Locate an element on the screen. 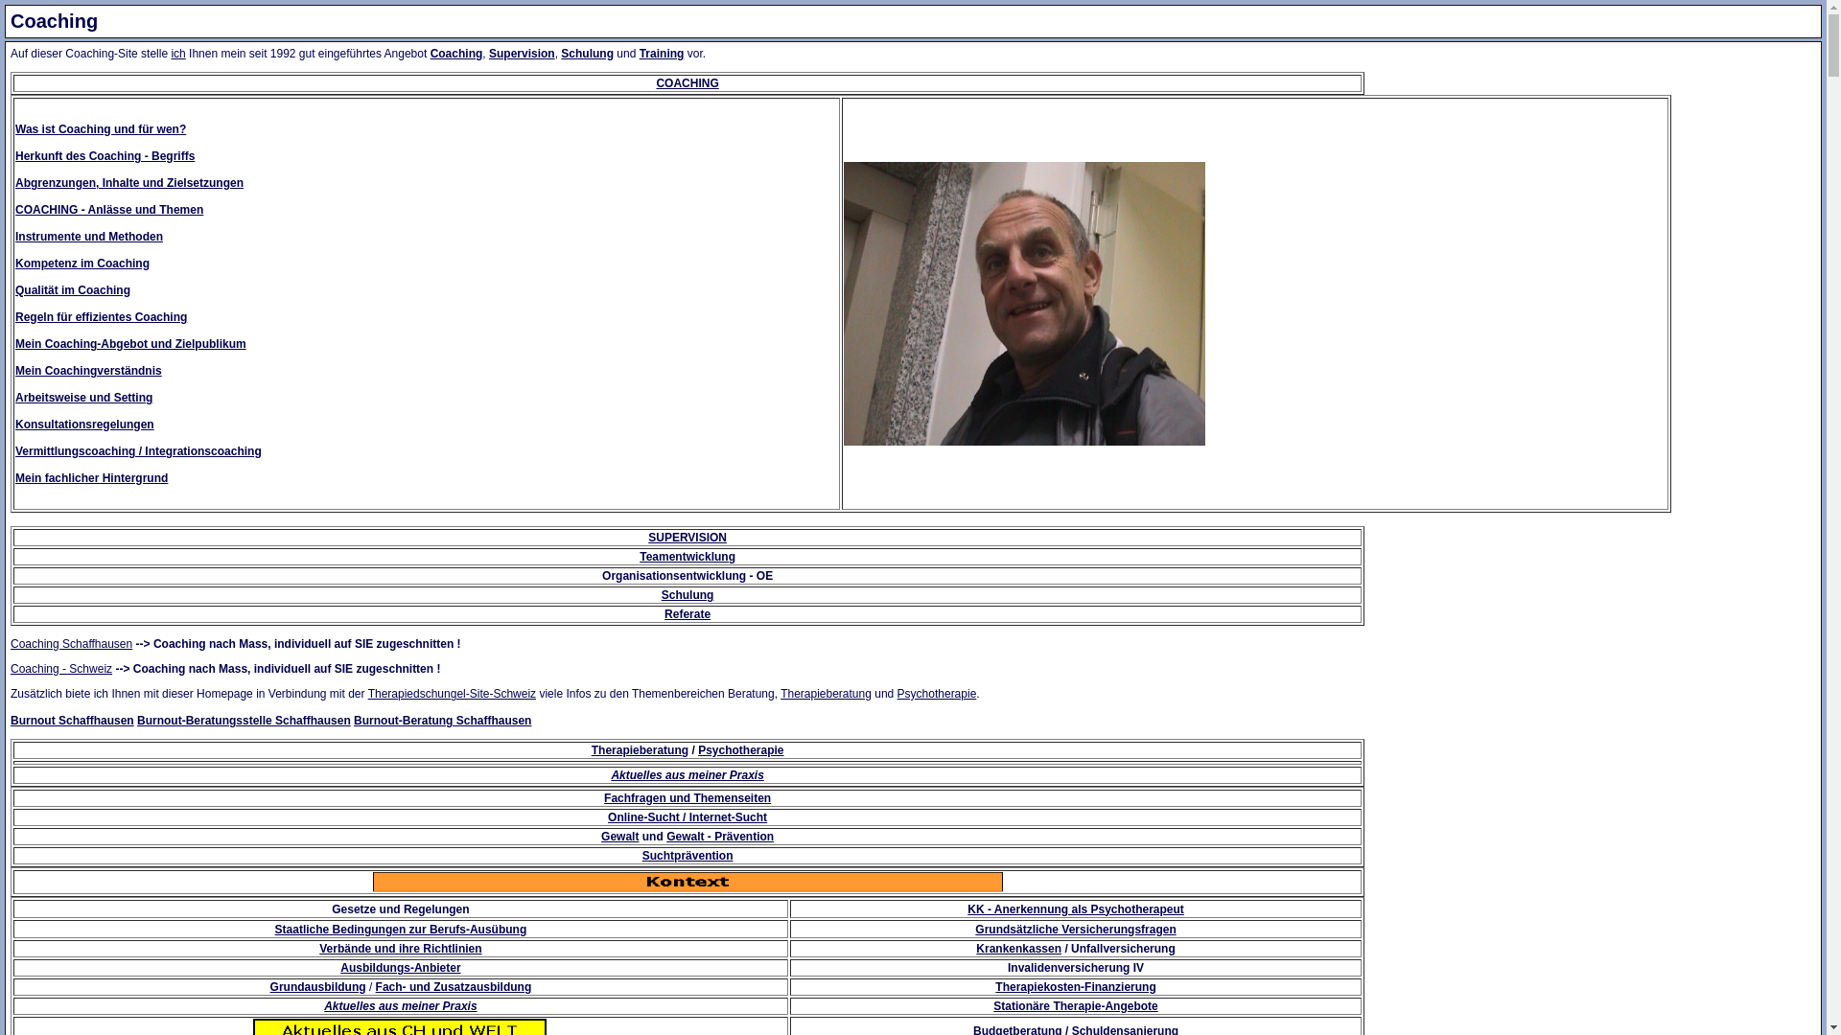 This screenshot has width=1841, height=1035. 'Therapiedschungel-Site-Schweiz' is located at coordinates (451, 694).